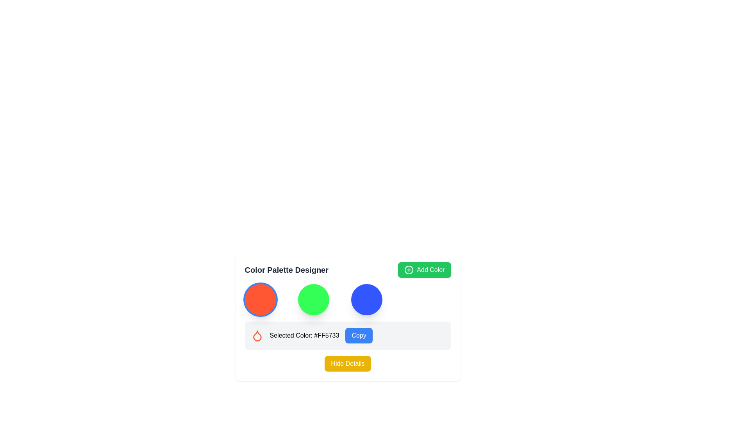 This screenshot has height=422, width=750. I want to click on the button for adding a new color to the palette, located to the right of the 'Color Palette Designer' header, so click(424, 269).